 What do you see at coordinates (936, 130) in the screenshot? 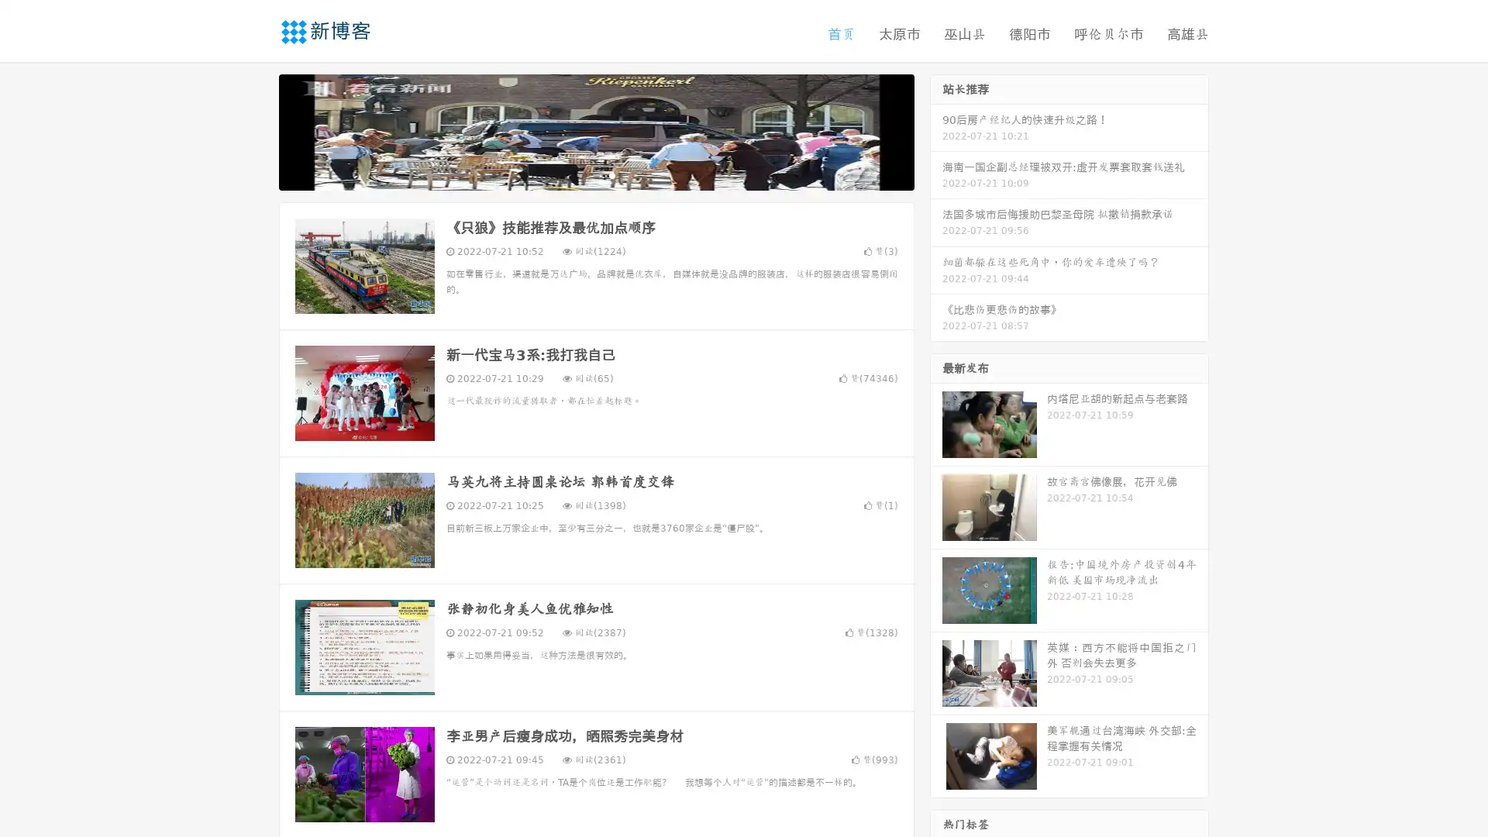
I see `Next slide` at bounding box center [936, 130].